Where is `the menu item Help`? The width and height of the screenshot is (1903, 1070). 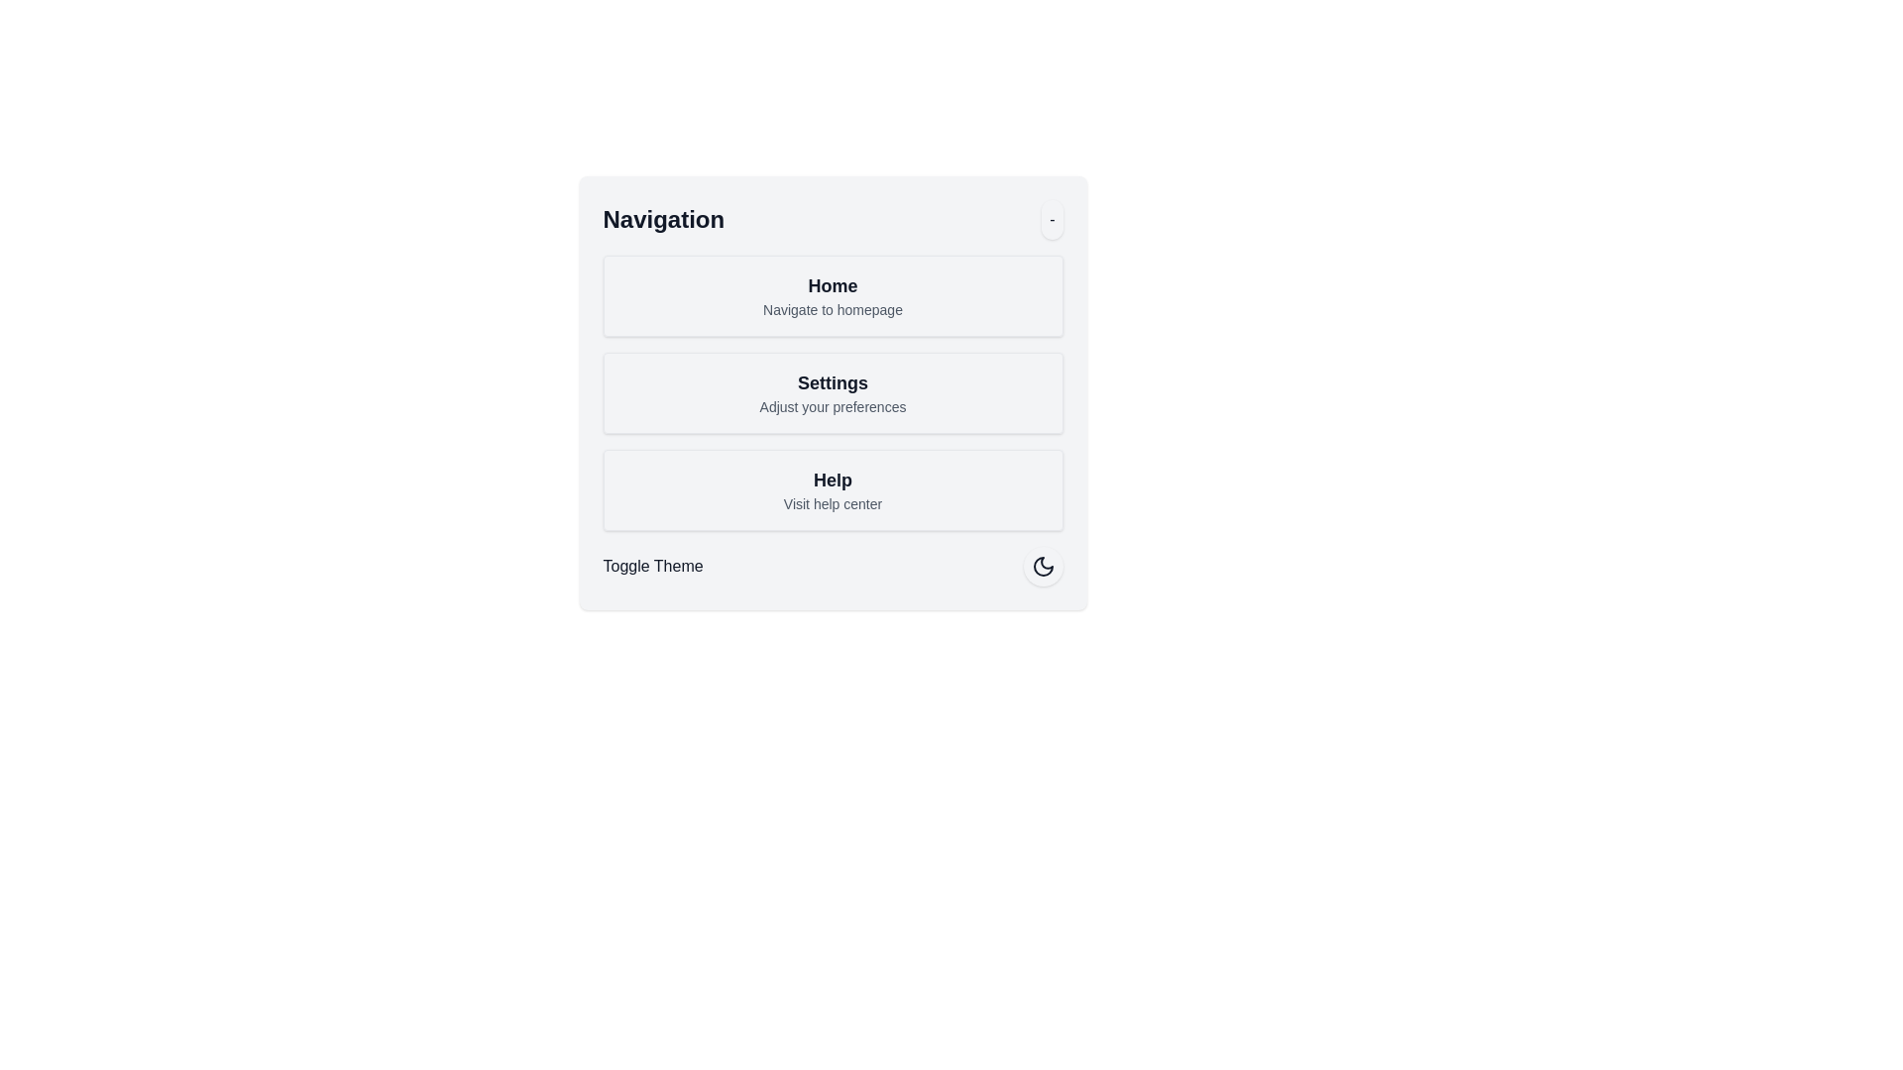
the menu item Help is located at coordinates (833, 489).